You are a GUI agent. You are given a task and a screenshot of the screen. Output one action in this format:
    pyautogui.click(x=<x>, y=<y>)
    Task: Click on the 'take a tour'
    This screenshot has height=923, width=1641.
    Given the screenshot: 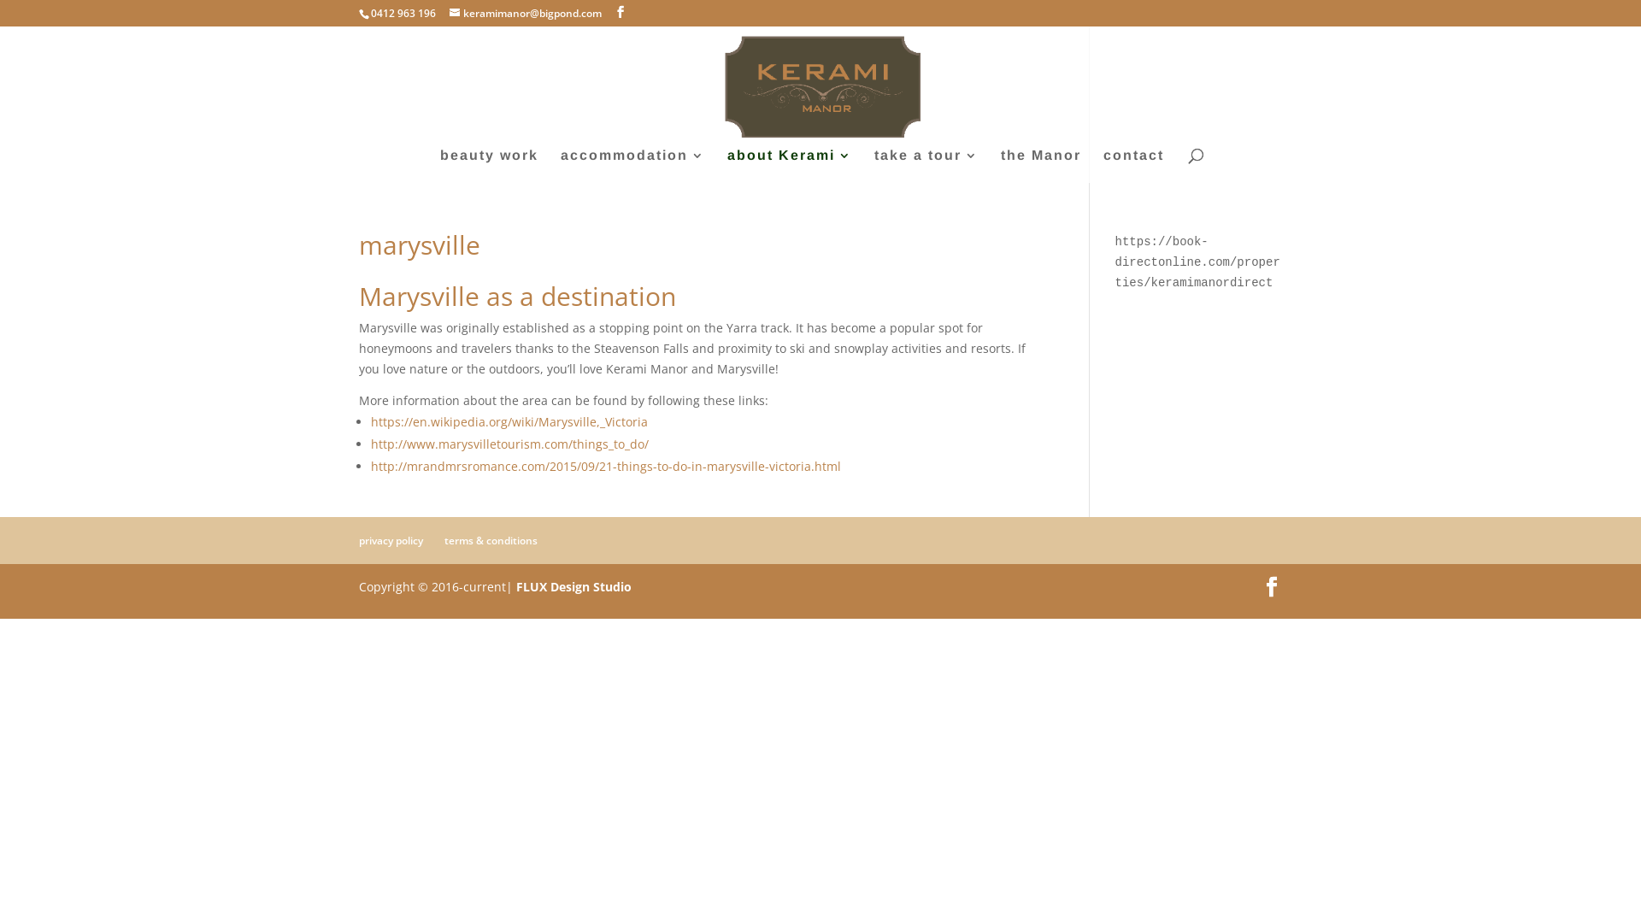 What is the action you would take?
    pyautogui.click(x=873, y=166)
    